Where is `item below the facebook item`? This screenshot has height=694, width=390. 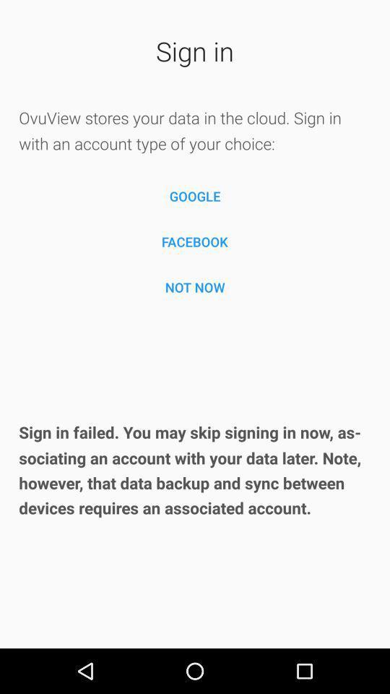
item below the facebook item is located at coordinates (195, 286).